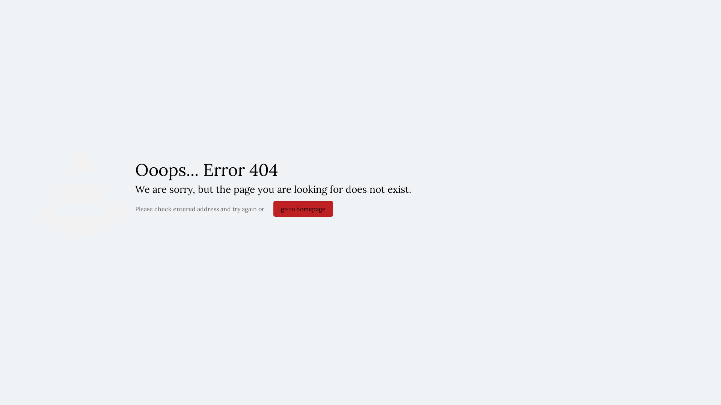 The image size is (721, 405). What do you see at coordinates (303, 208) in the screenshot?
I see `'go to homepage'` at bounding box center [303, 208].